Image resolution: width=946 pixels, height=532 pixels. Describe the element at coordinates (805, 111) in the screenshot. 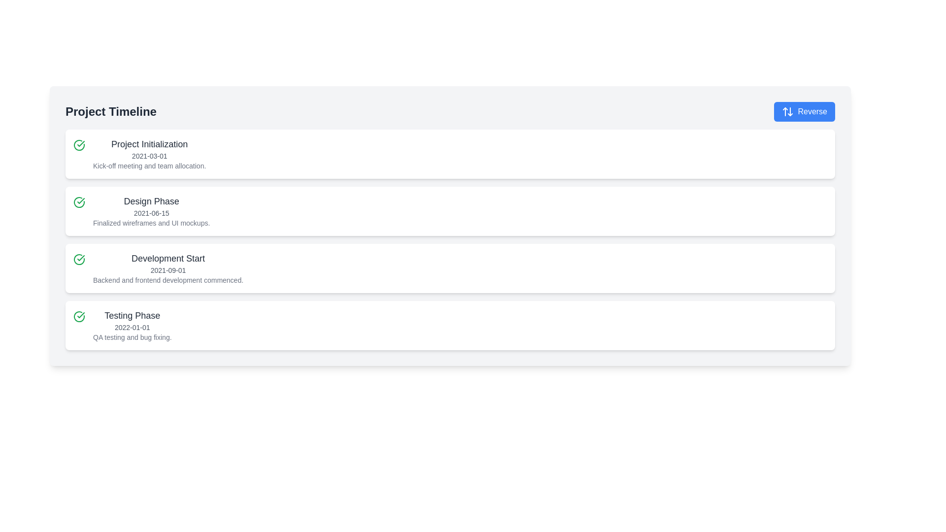

I see `the button that toggles the order of items in the Project Timeline` at that location.